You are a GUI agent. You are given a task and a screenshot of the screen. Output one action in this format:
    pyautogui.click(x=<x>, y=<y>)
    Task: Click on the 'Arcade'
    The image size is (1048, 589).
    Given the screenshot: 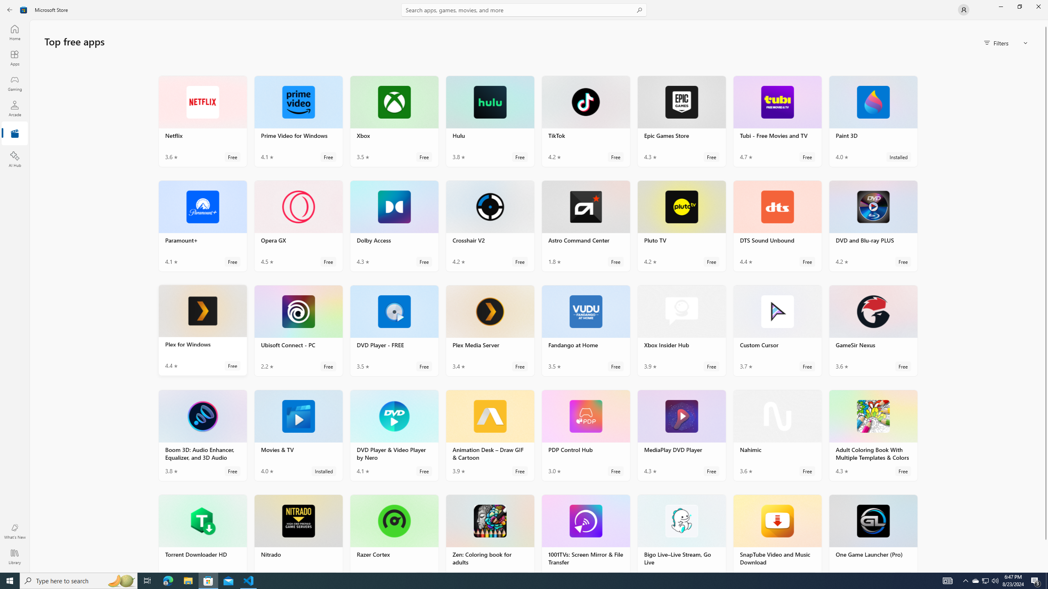 What is the action you would take?
    pyautogui.click(x=14, y=108)
    